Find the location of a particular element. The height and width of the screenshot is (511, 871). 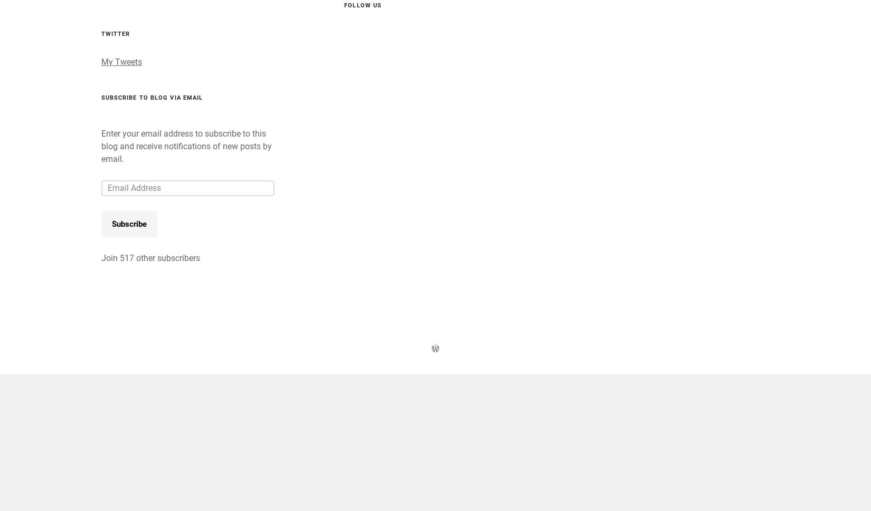

'Facebook' is located at coordinates (216, 57).